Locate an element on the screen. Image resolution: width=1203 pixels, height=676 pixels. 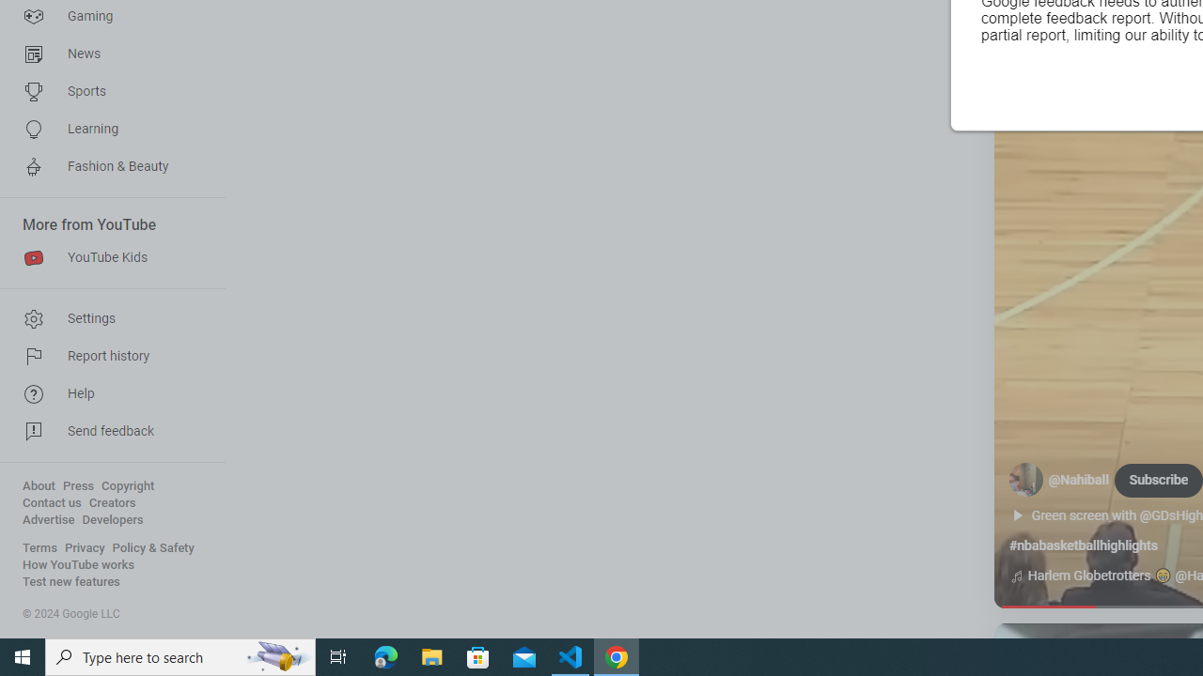
'Privacy' is located at coordinates (84, 548).